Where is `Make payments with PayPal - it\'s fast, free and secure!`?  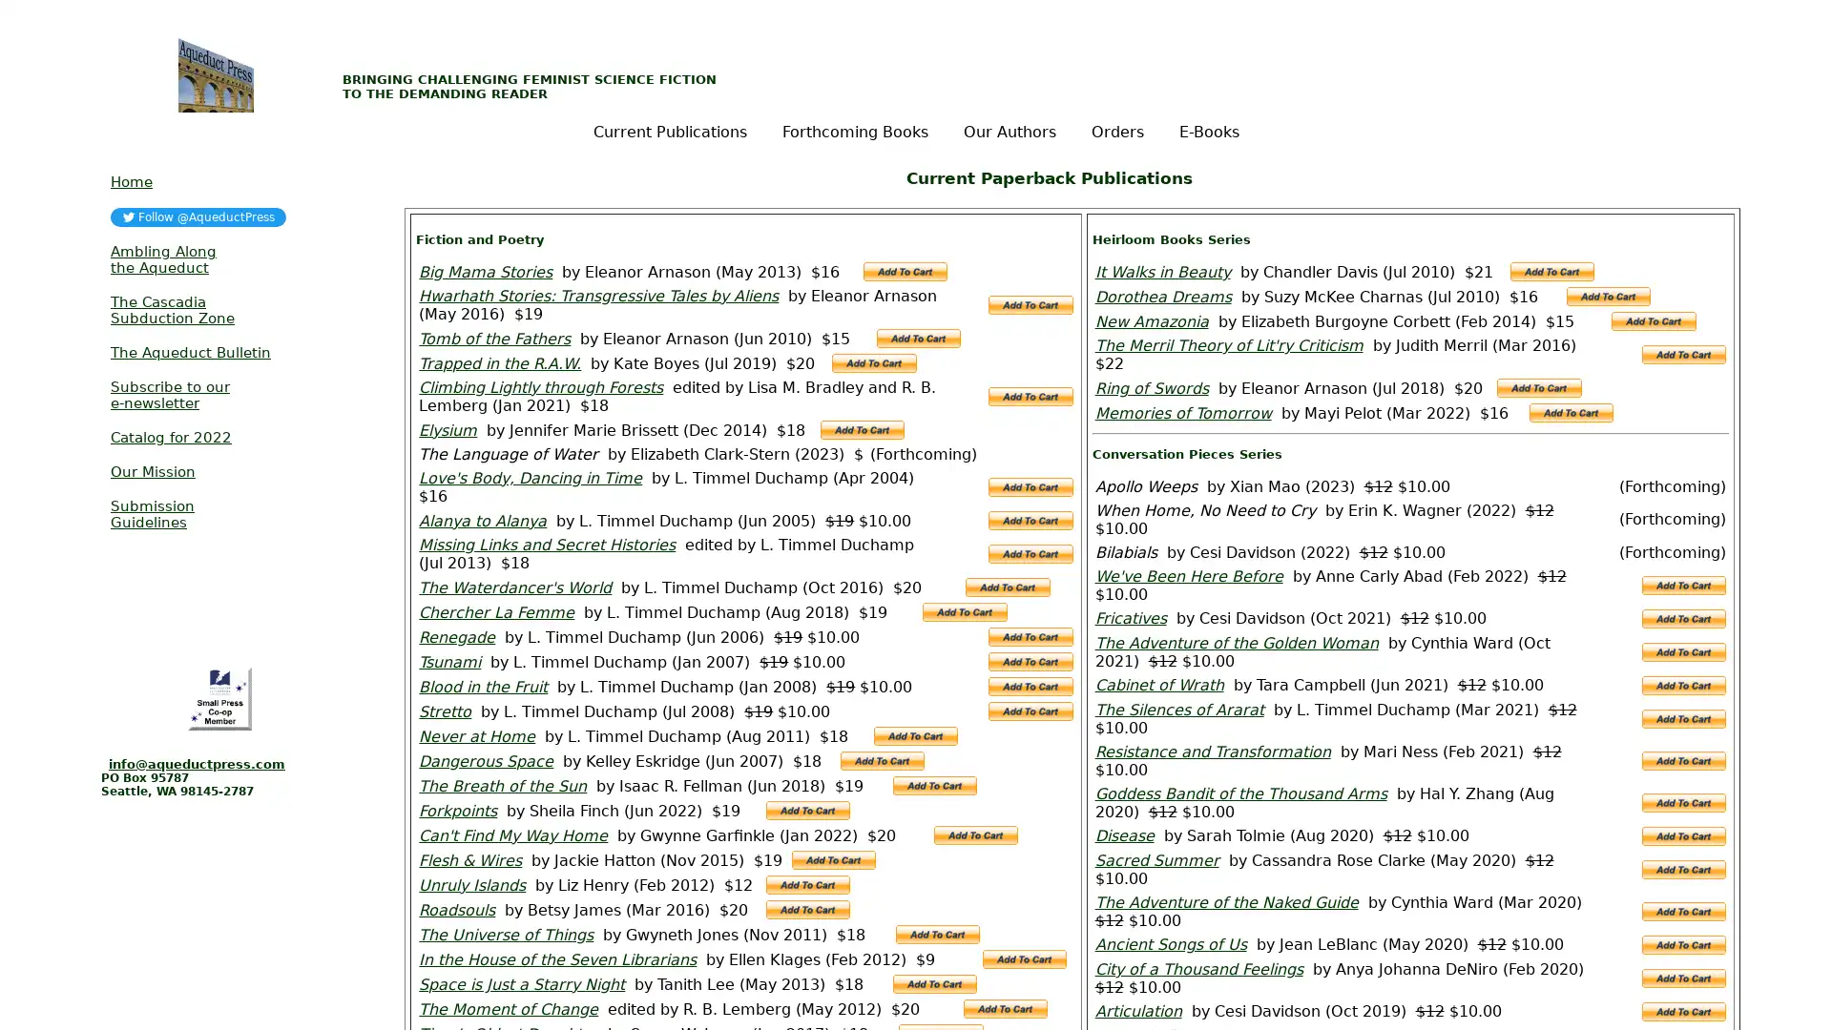 Make payments with PayPal - it\'s fast, free and secure! is located at coordinates (1683, 717).